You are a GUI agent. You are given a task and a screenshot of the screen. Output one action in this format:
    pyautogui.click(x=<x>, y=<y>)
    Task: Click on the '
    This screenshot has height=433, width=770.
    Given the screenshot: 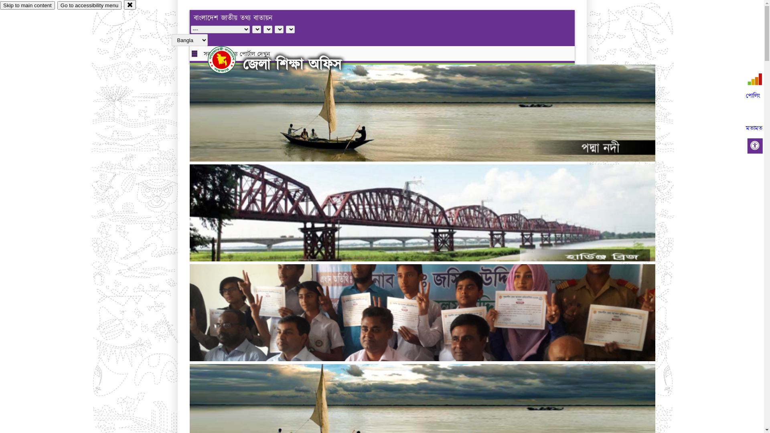 What is the action you would take?
    pyautogui.click(x=228, y=59)
    